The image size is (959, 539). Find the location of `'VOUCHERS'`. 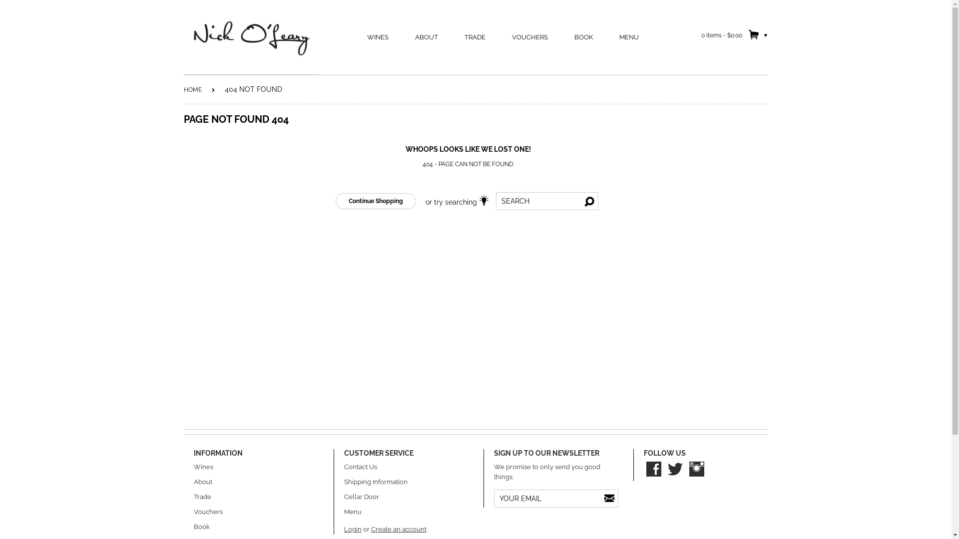

'VOUCHERS' is located at coordinates (529, 36).